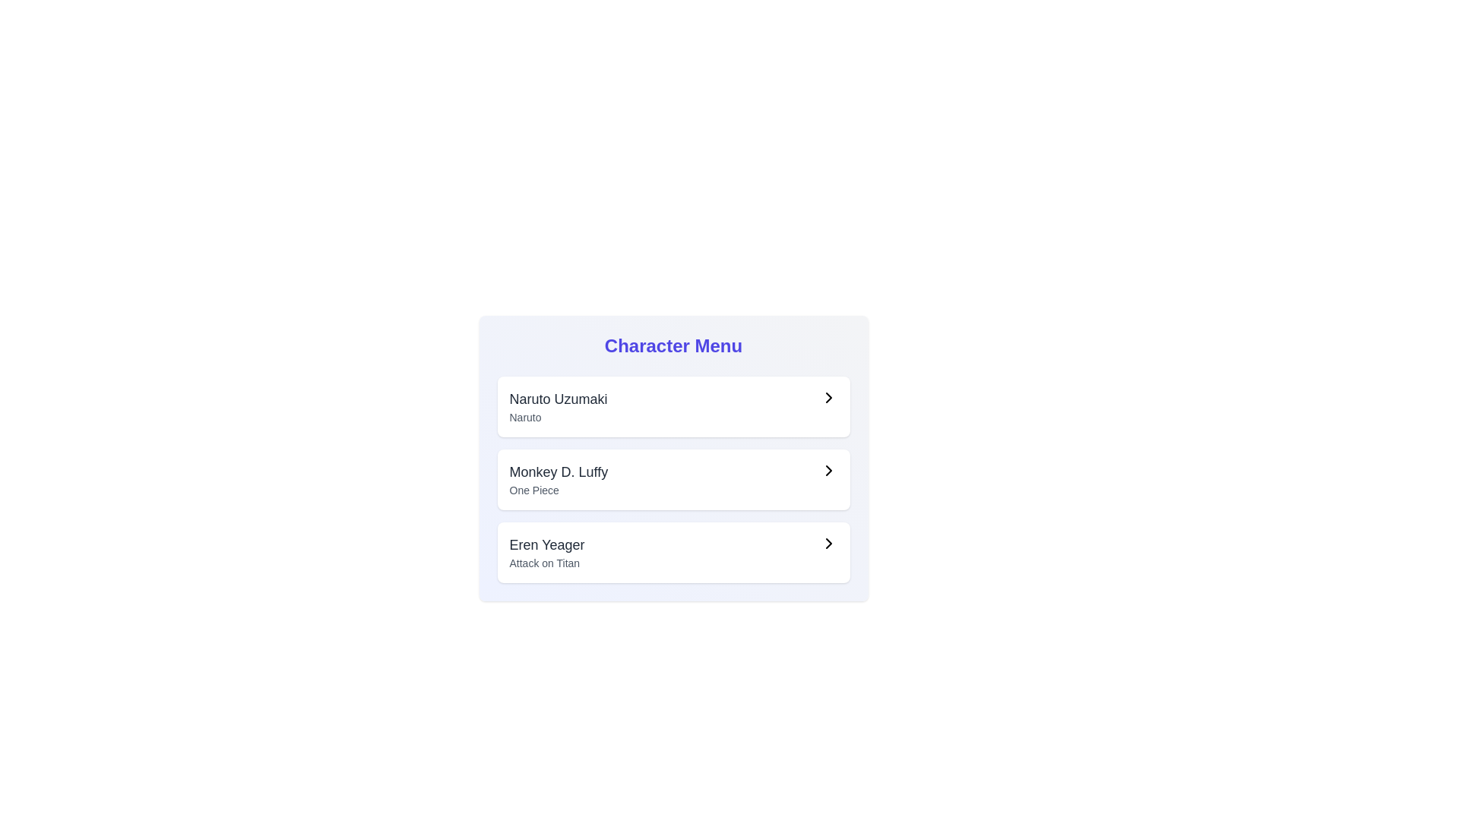 This screenshot has width=1459, height=820. Describe the element at coordinates (828, 397) in the screenshot. I see `the chevron icon on the right edge of the list item for 'Naruto Uzumaki'` at that location.